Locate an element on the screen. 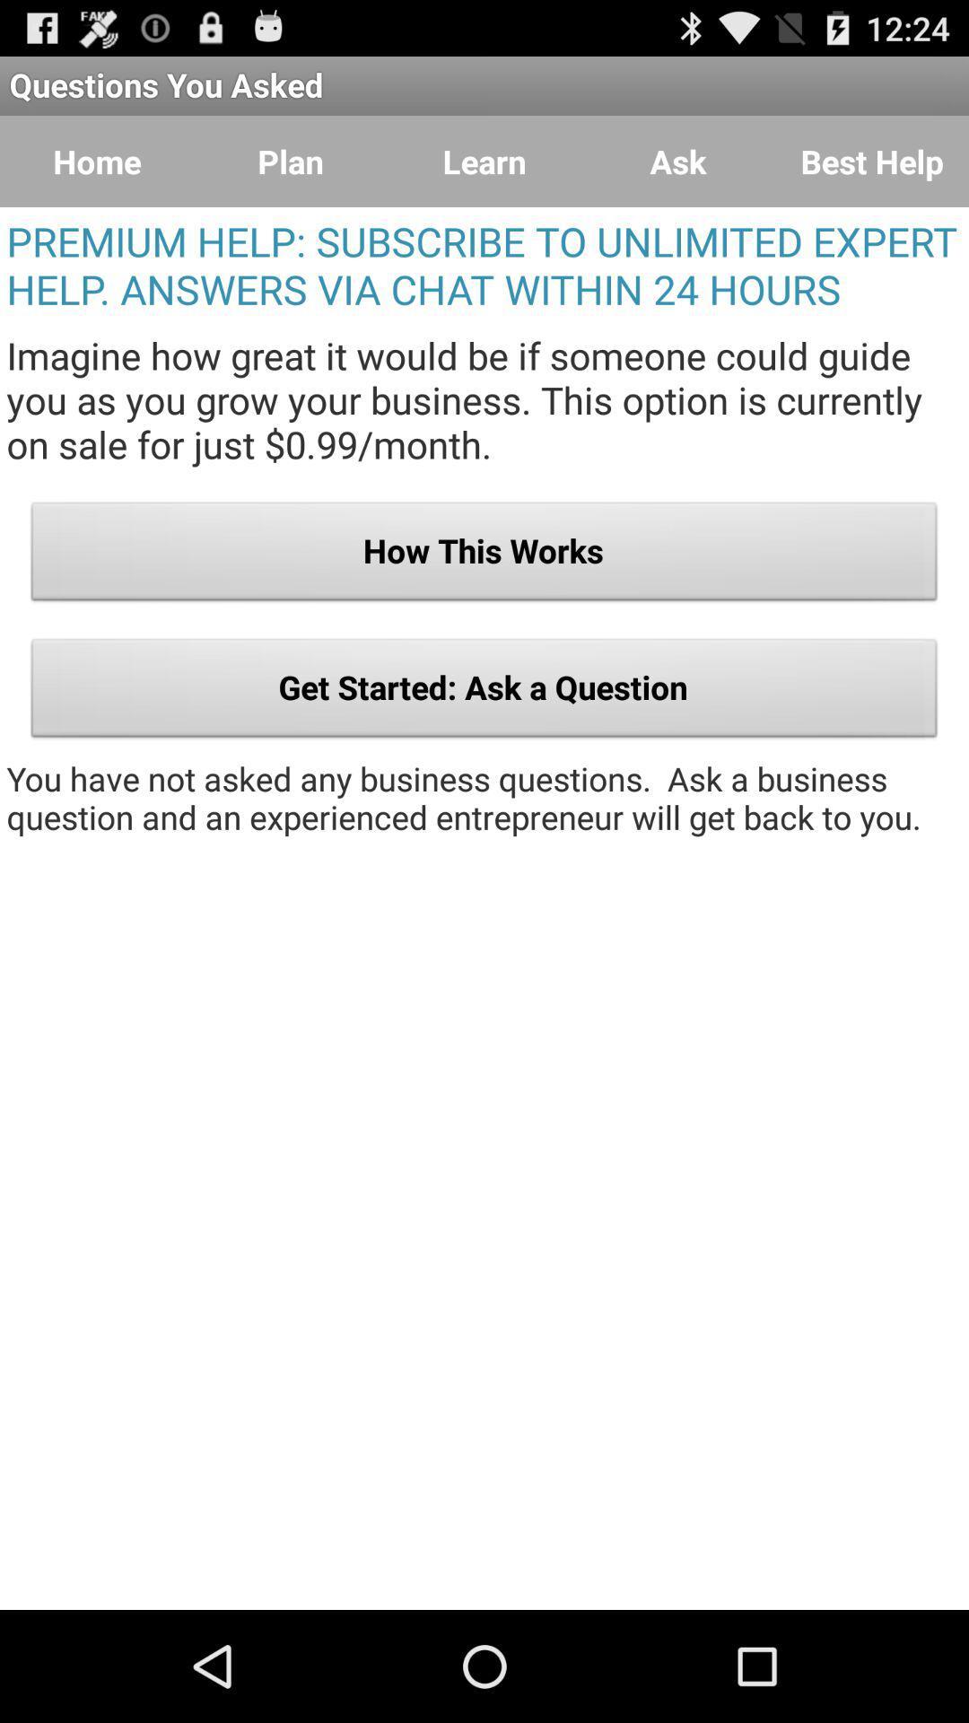 The width and height of the screenshot is (969, 1723). item to the right of ask icon is located at coordinates (871, 162).